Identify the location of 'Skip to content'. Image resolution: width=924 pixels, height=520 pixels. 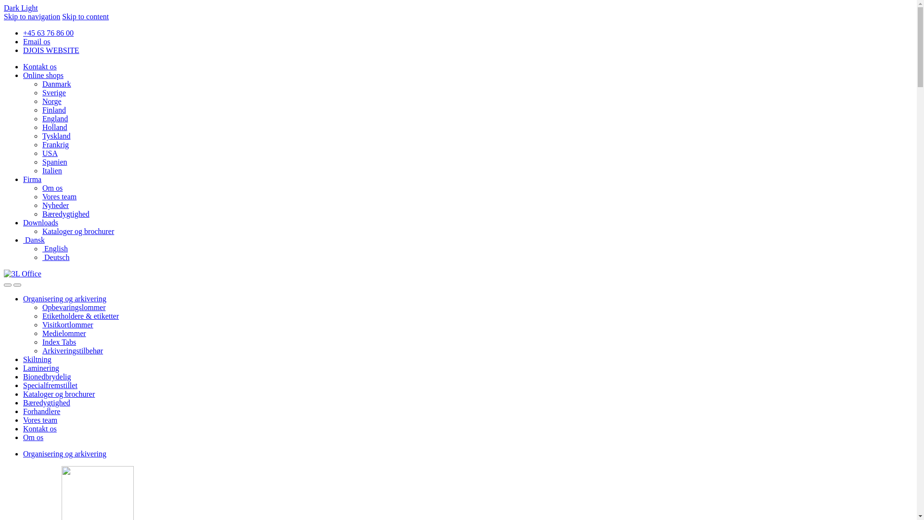
(85, 16).